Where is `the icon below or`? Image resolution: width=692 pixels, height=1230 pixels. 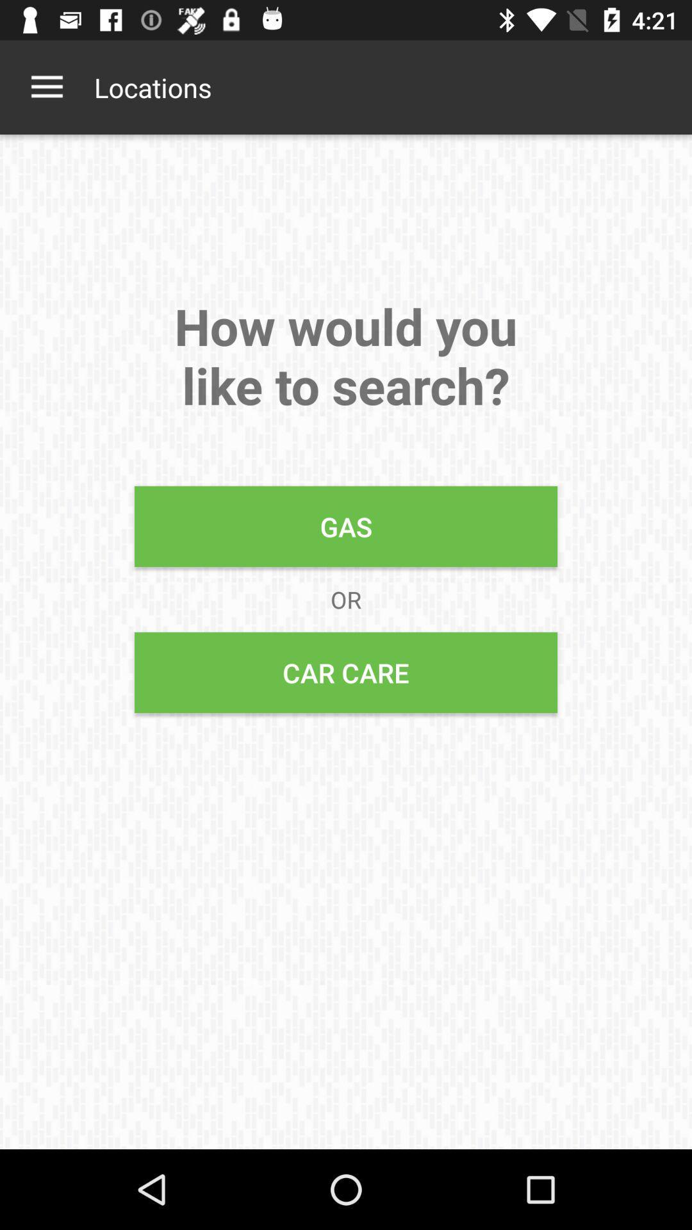 the icon below or is located at coordinates (346, 672).